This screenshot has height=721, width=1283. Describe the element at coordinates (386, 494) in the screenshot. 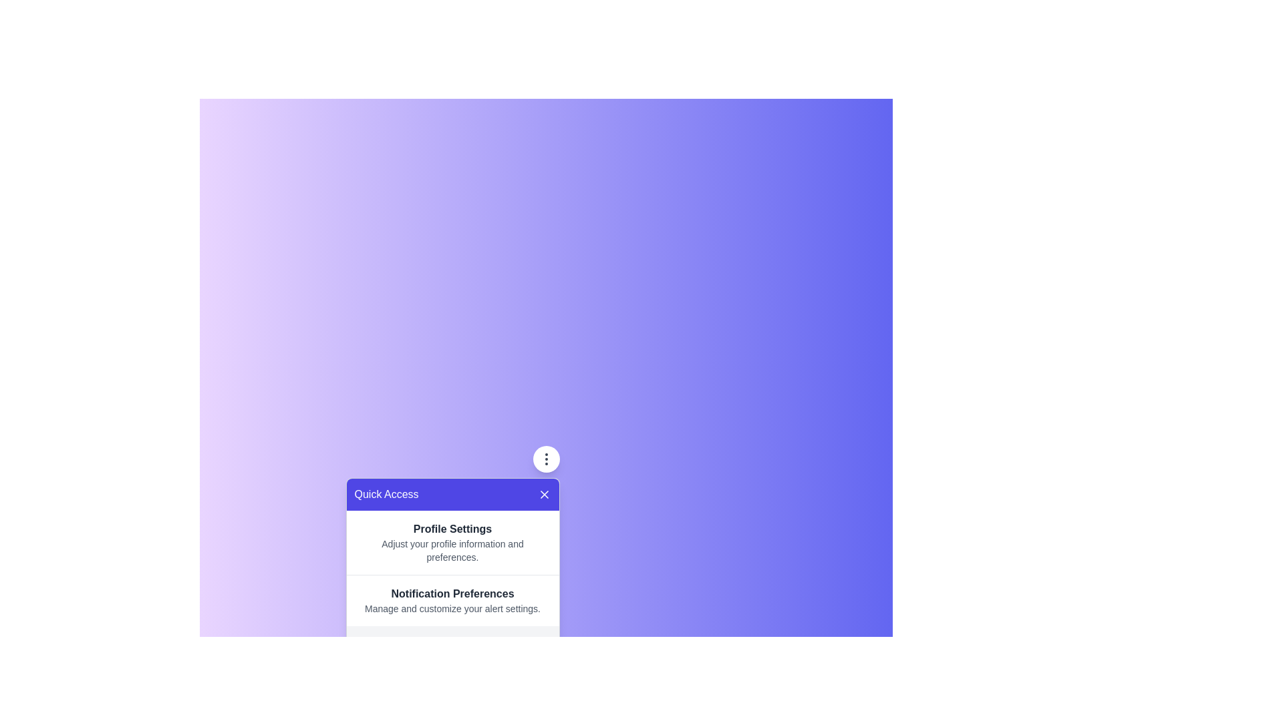

I see `the 'Quick Access' text label, which is displayed in white against an indigo background in the upper left corner of the header bar` at that location.